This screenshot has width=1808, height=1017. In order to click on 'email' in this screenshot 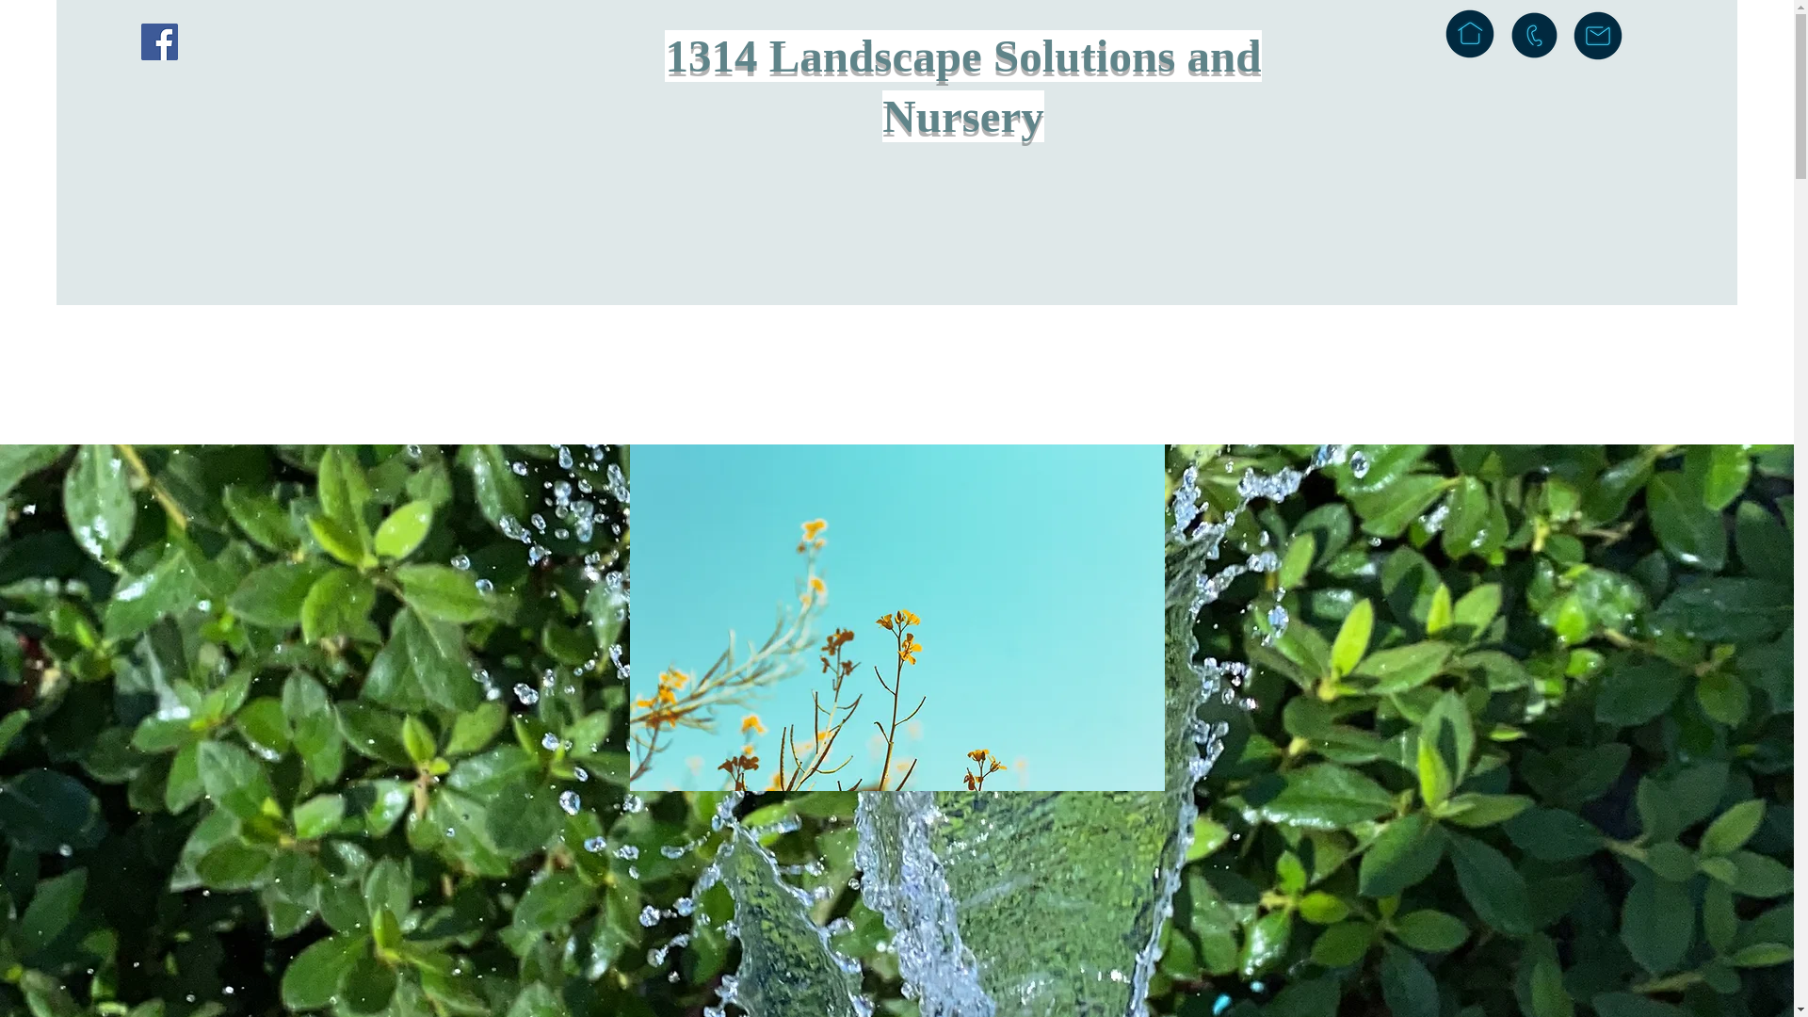, I will do `click(1572, 36)`.